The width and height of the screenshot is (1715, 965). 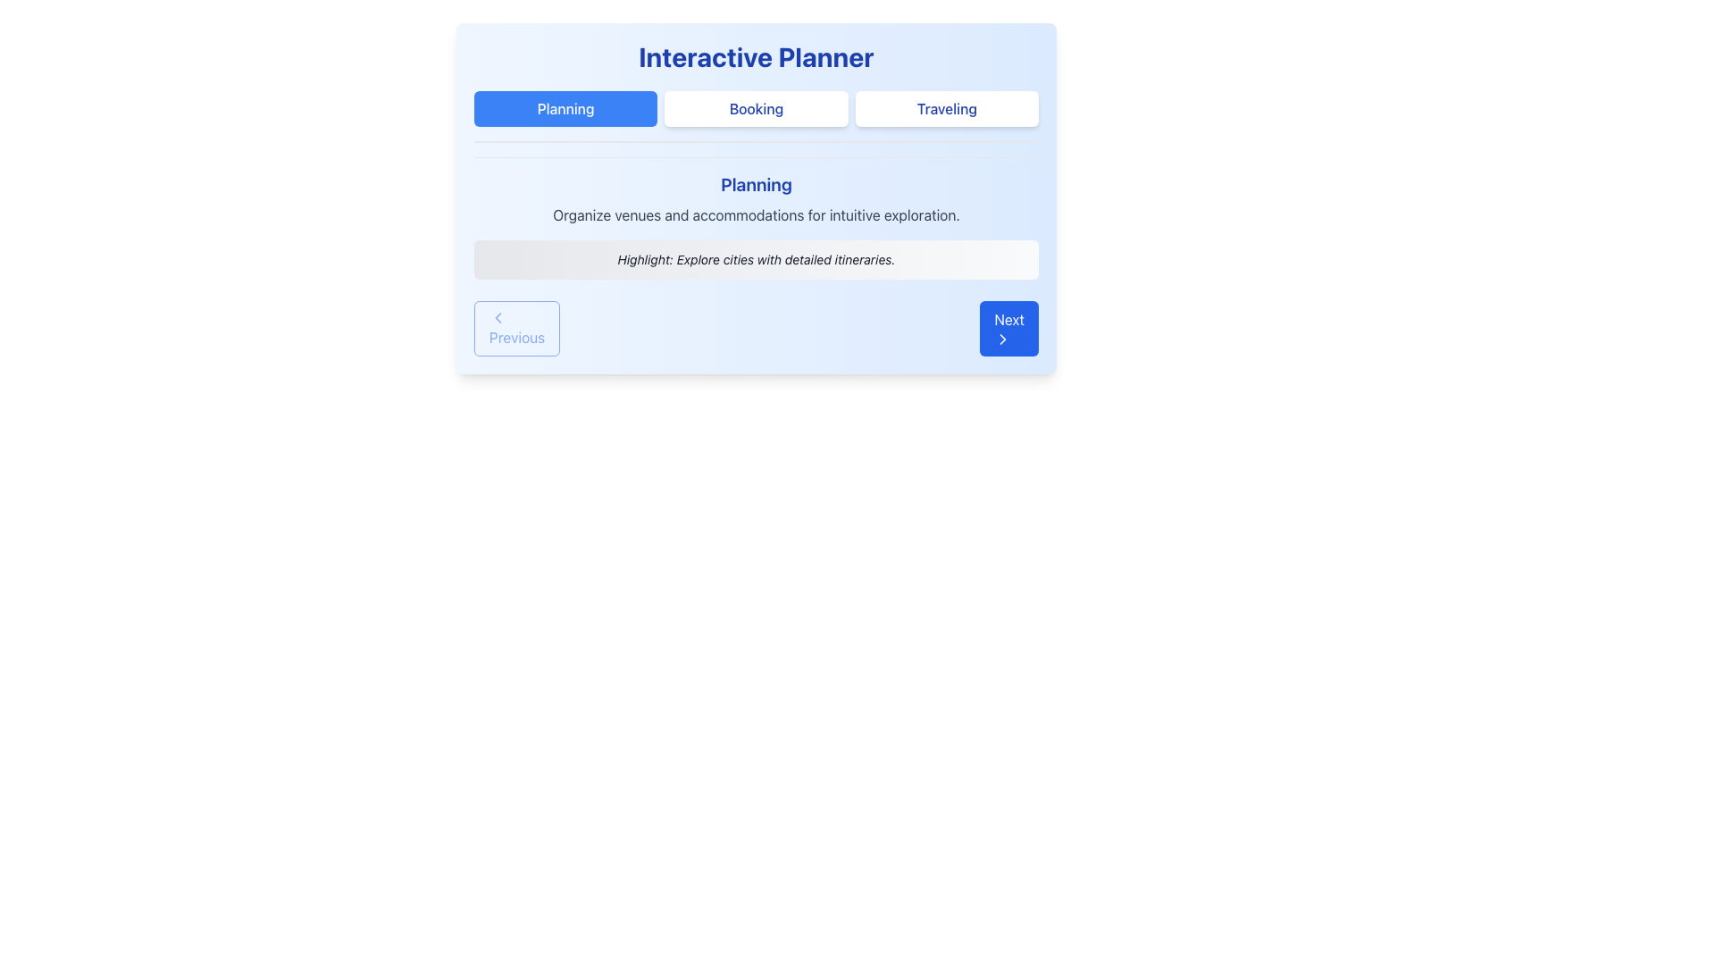 What do you see at coordinates (756, 259) in the screenshot?
I see `the informational text box providing contextual information about the 'Planning' section, which is located below the descriptive text block and above a smaller italicized version of its content` at bounding box center [756, 259].